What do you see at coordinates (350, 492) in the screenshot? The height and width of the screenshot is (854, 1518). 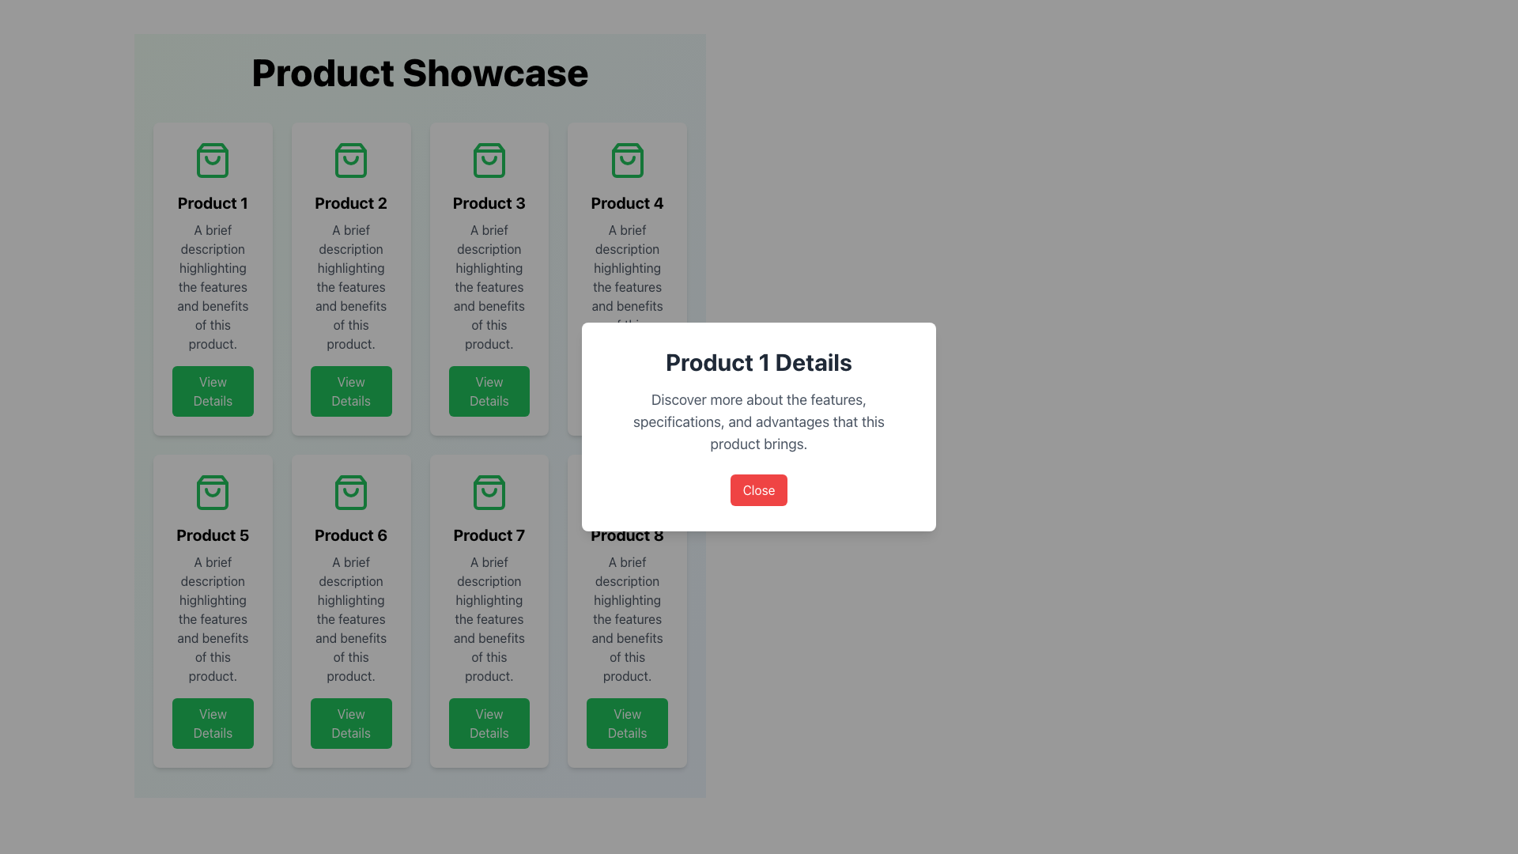 I see `the shopping bag icon representing 'Product 6' to view its associated product details` at bounding box center [350, 492].